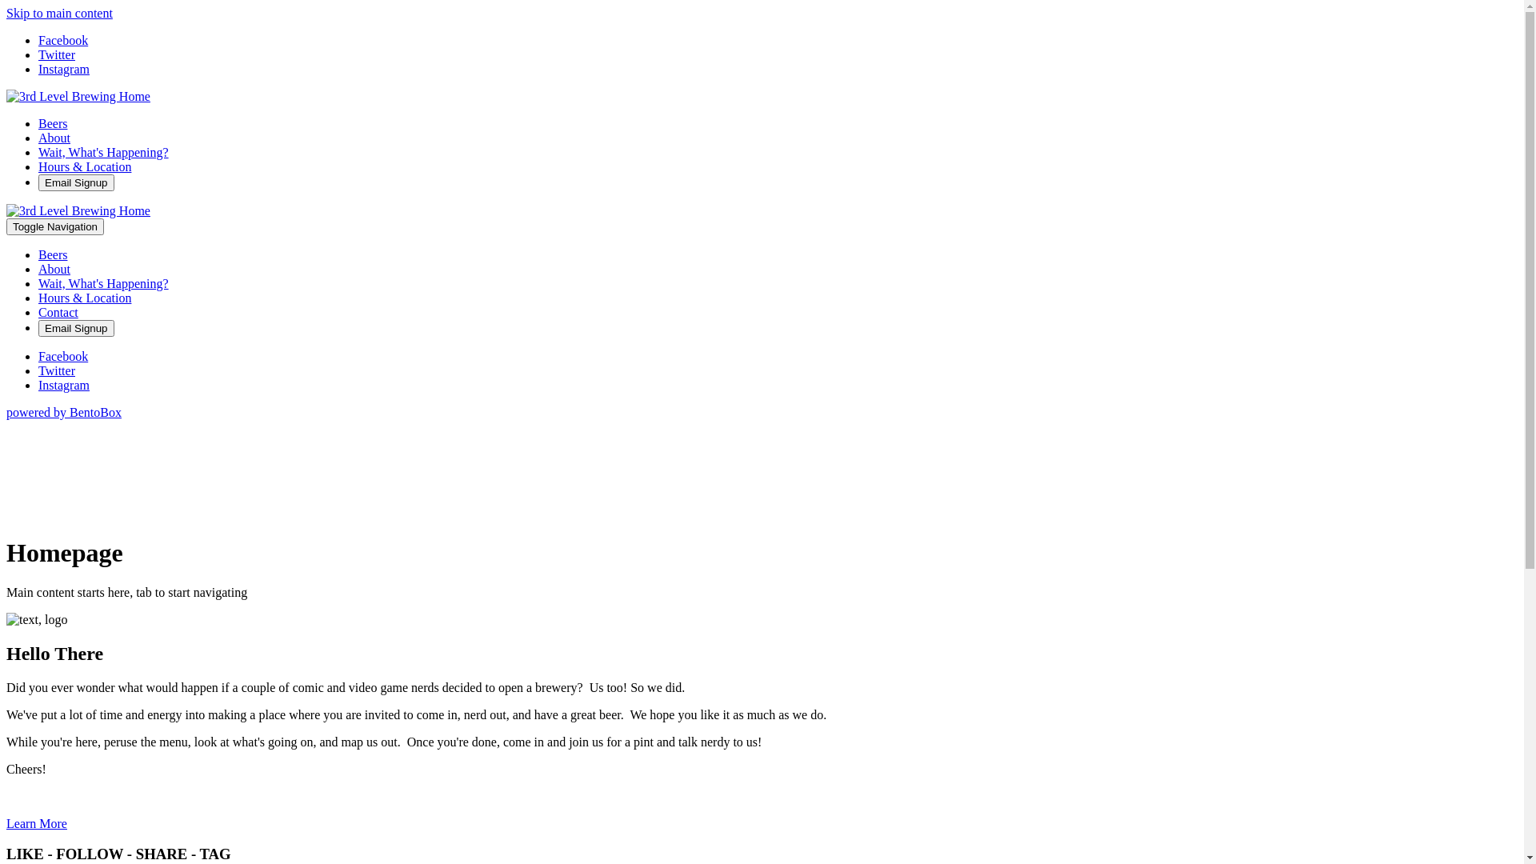 The height and width of the screenshot is (864, 1536). I want to click on 'Twitter', so click(57, 370).